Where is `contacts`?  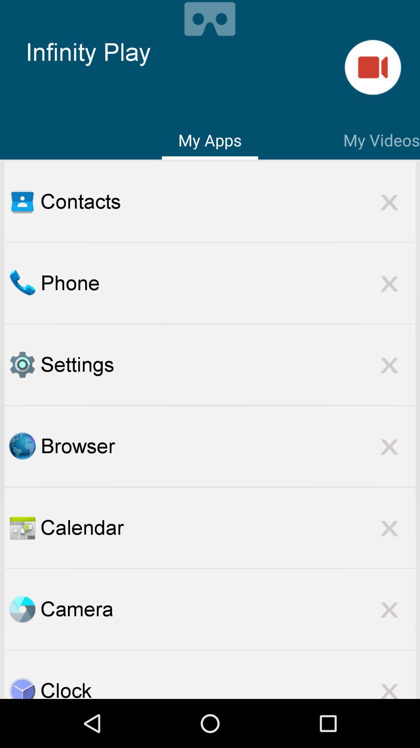 contacts is located at coordinates (22, 201).